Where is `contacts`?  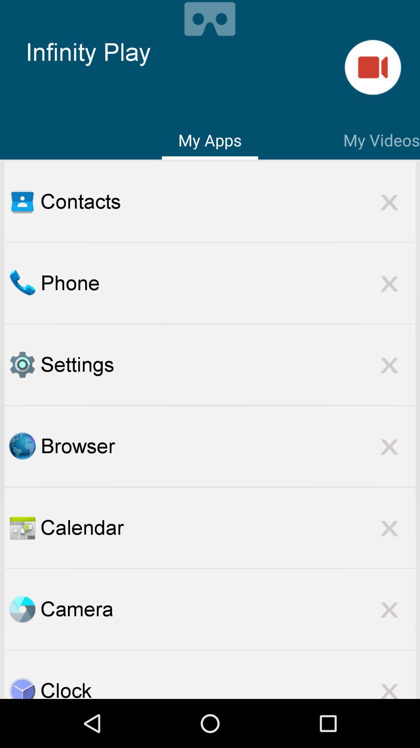 contacts is located at coordinates (22, 201).